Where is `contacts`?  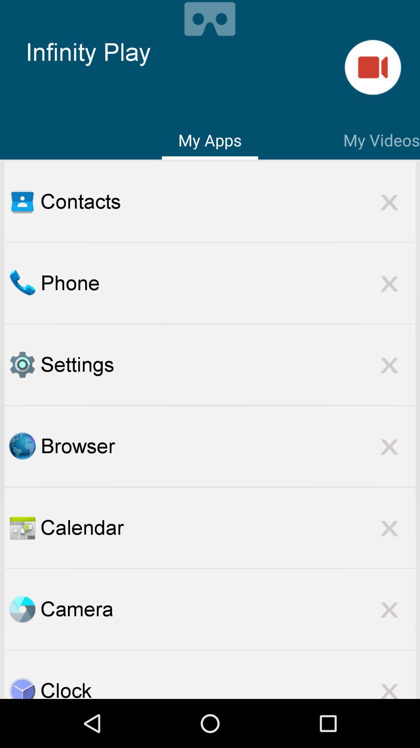 contacts is located at coordinates (22, 201).